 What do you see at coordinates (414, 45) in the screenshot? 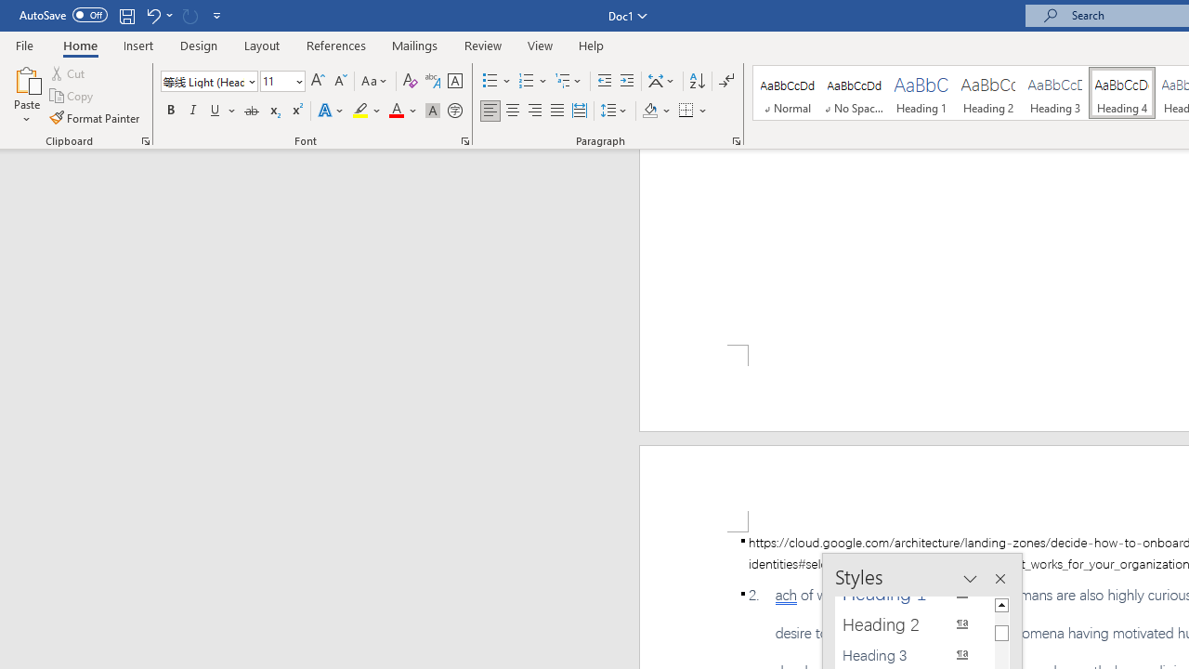
I see `'Mailings'` at bounding box center [414, 45].